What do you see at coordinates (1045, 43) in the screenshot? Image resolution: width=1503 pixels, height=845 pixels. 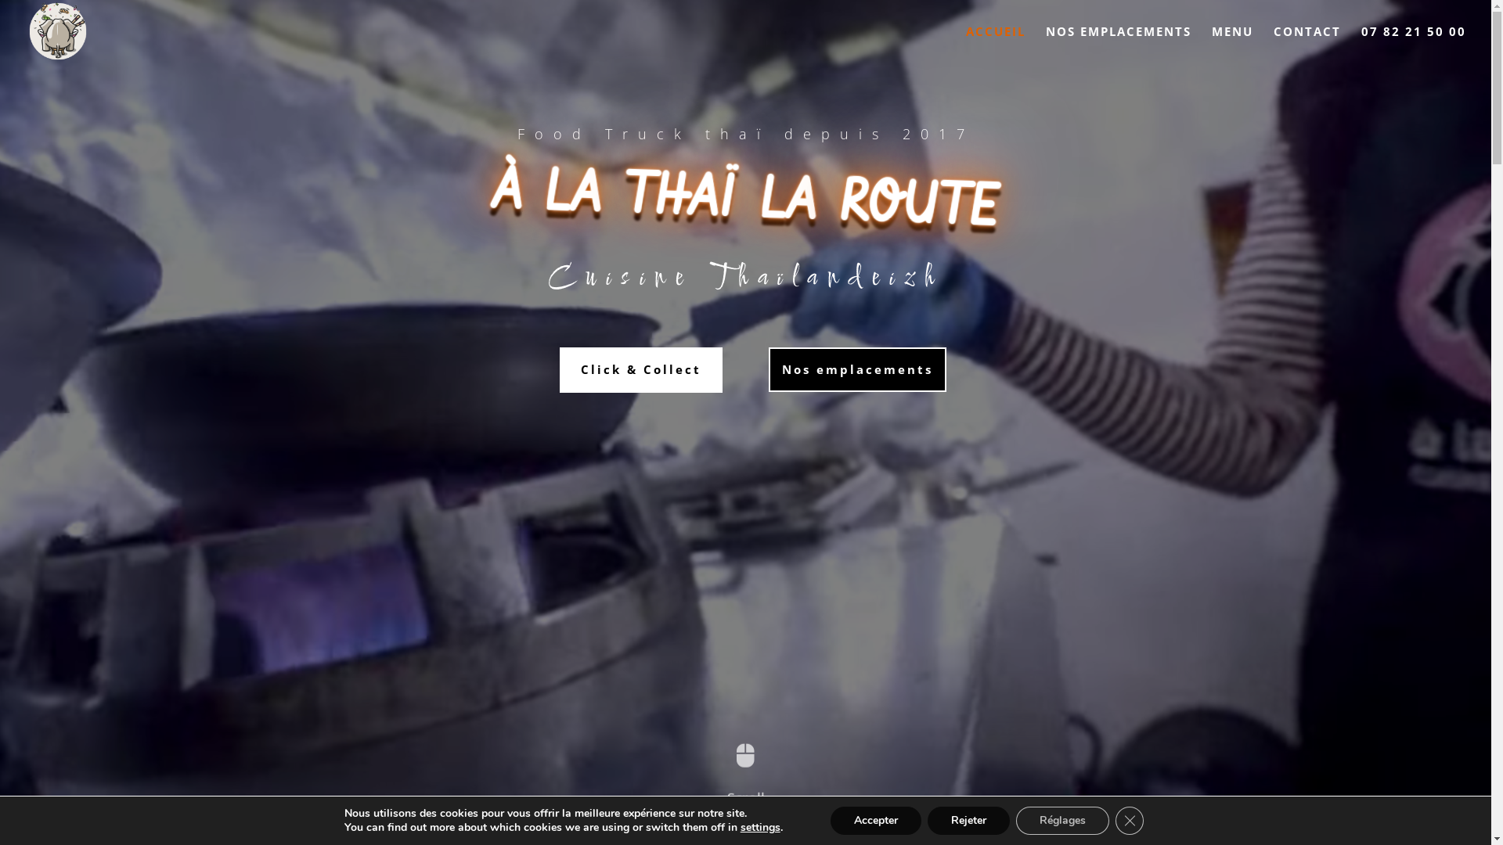 I see `'NOS EMPLACEMENTS'` at bounding box center [1045, 43].